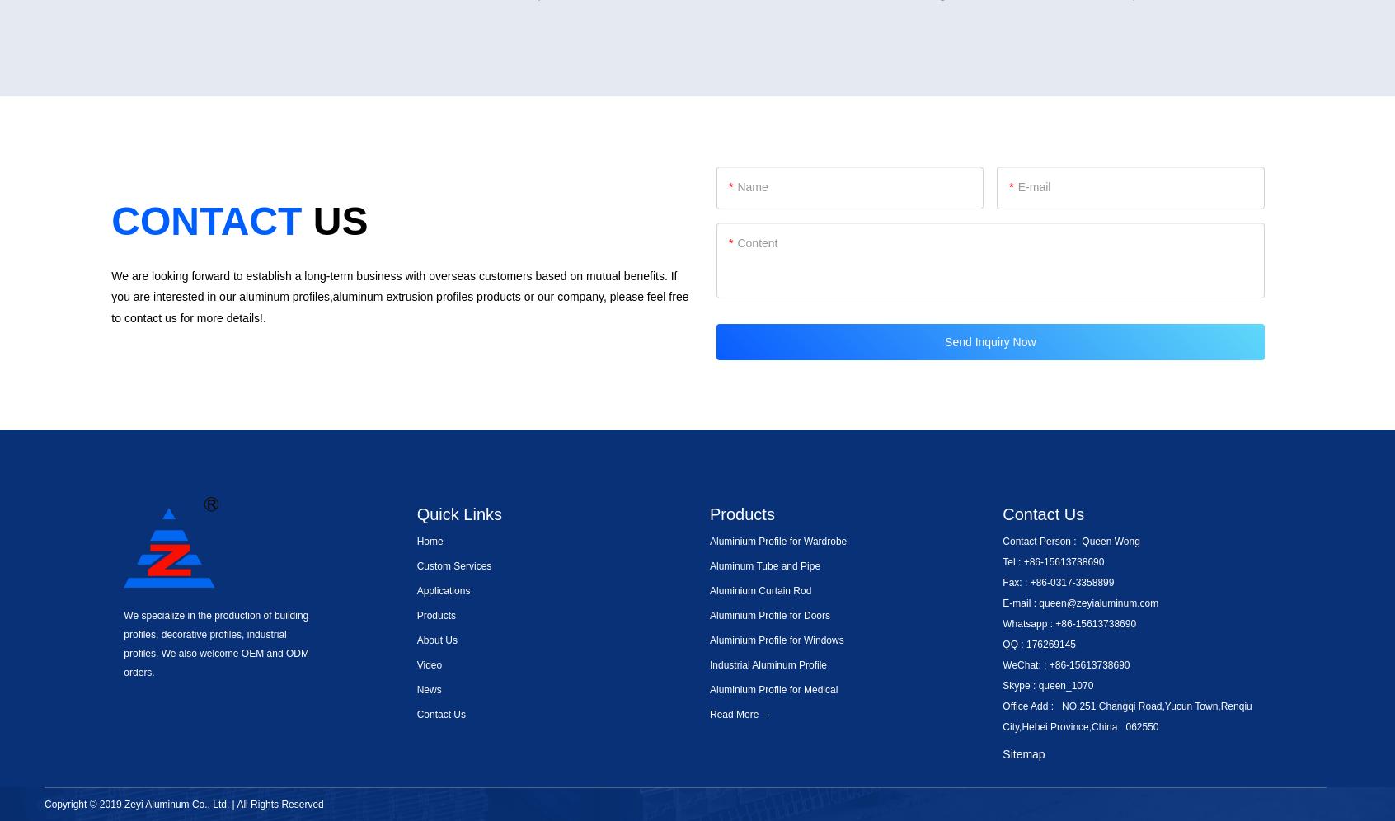 This screenshot has width=1395, height=821. What do you see at coordinates (1003, 643) in the screenshot?
I see `'QQ : 176269145'` at bounding box center [1003, 643].